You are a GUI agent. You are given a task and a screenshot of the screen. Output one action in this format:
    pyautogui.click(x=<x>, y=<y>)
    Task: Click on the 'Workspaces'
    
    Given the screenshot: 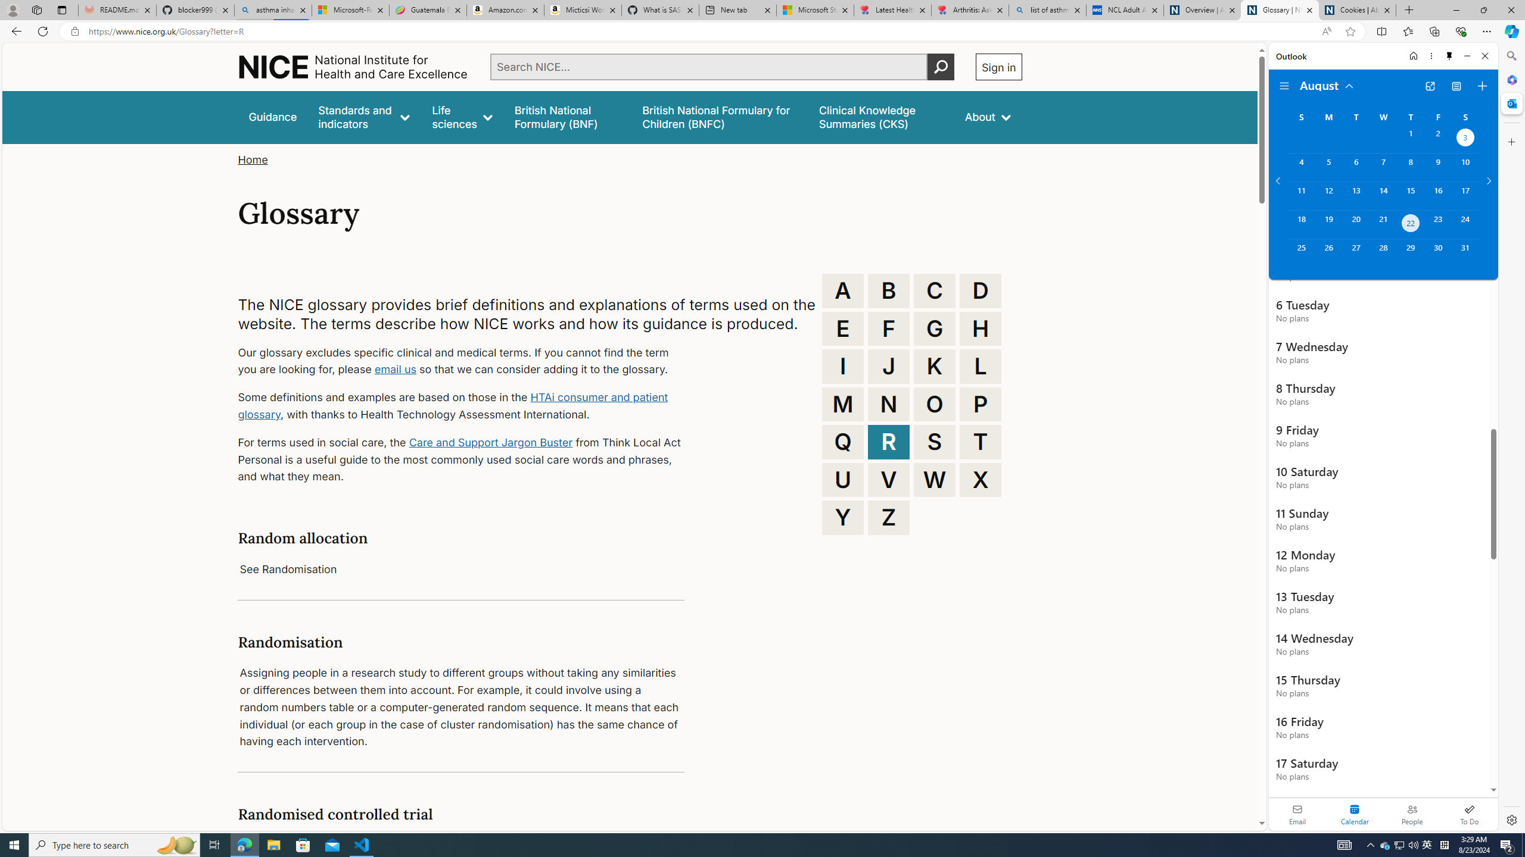 What is the action you would take?
    pyautogui.click(x=36, y=10)
    